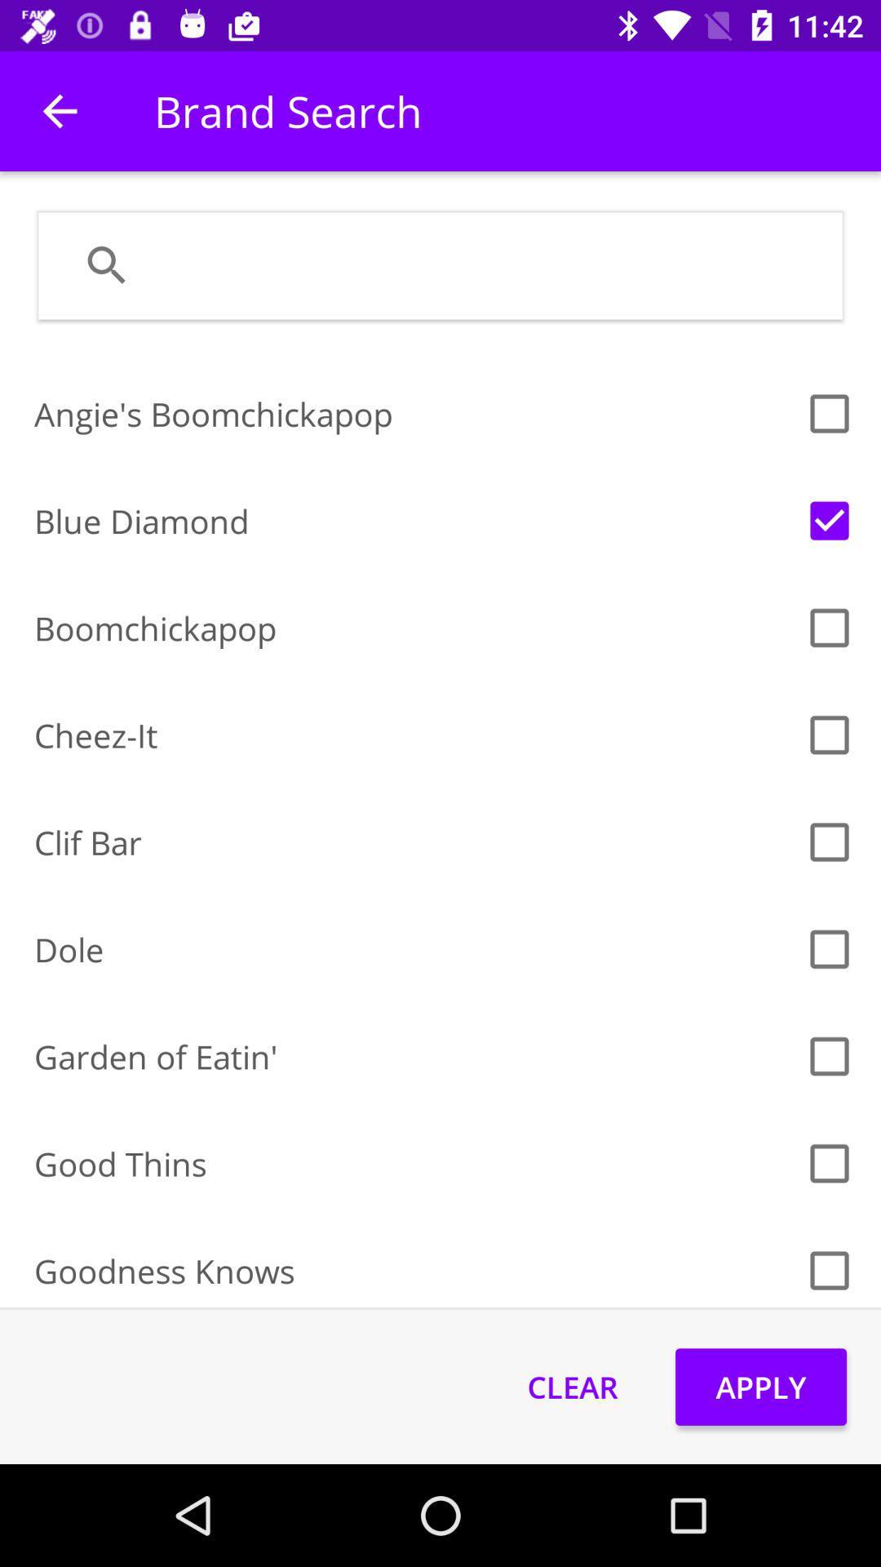  What do you see at coordinates (572, 1386) in the screenshot?
I see `the item to the left of the apply` at bounding box center [572, 1386].